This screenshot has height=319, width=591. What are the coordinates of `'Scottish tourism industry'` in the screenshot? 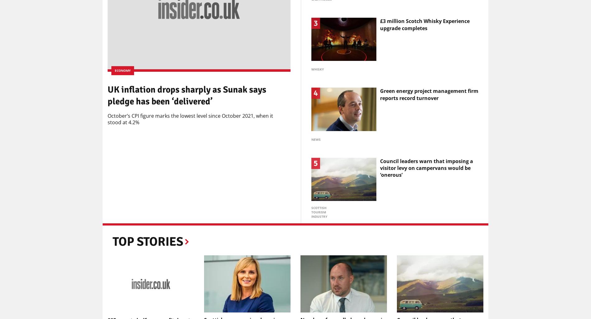 It's located at (319, 212).